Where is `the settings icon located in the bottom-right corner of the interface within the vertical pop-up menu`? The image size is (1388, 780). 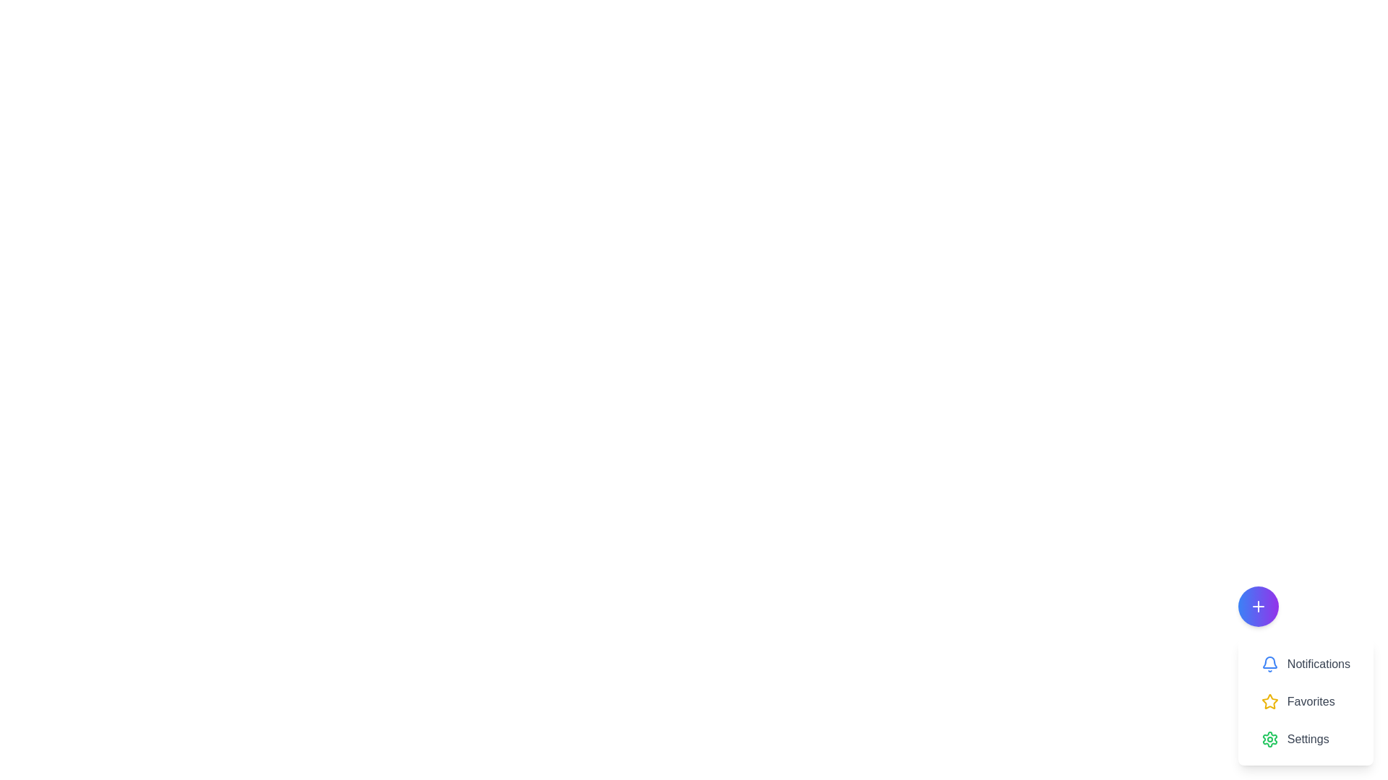
the settings icon located in the bottom-right corner of the interface within the vertical pop-up menu is located at coordinates (1269, 739).